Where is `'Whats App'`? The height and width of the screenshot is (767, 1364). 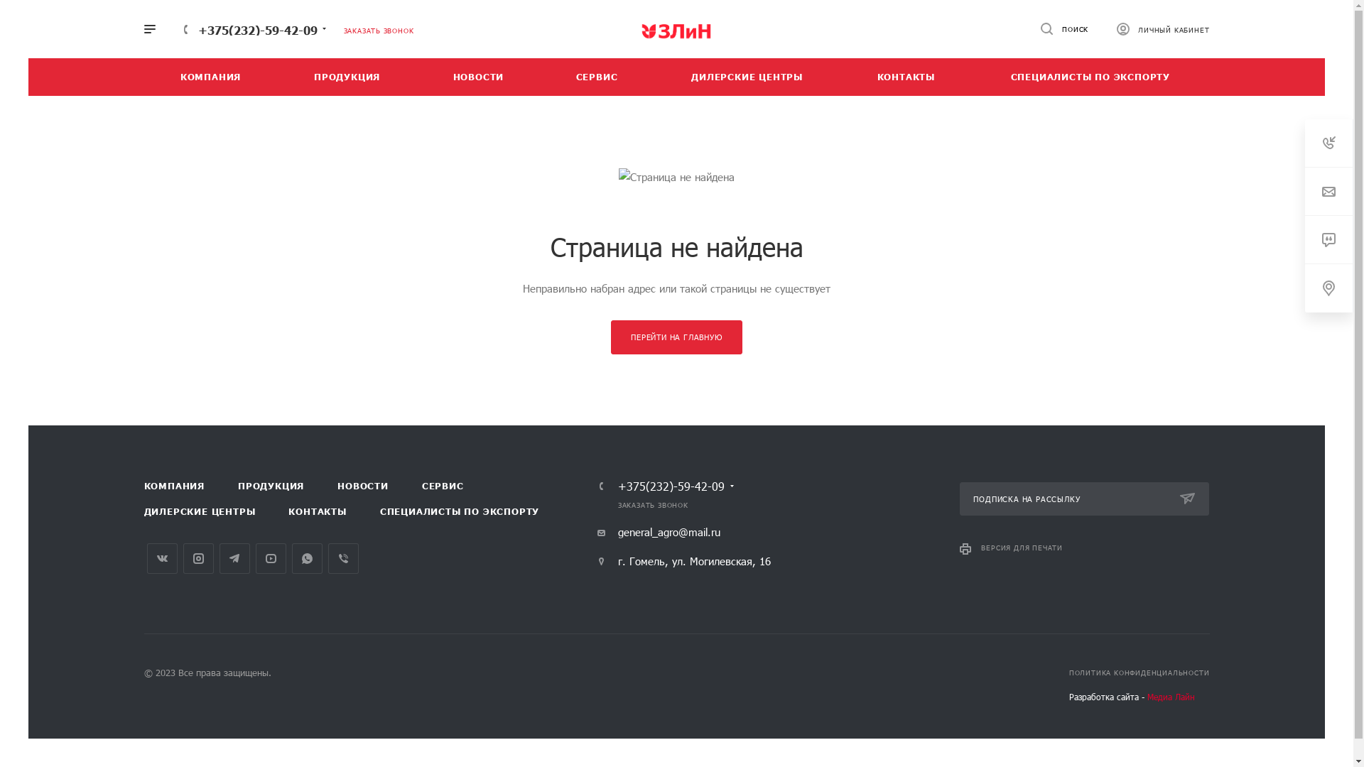 'Whats App' is located at coordinates (305, 557).